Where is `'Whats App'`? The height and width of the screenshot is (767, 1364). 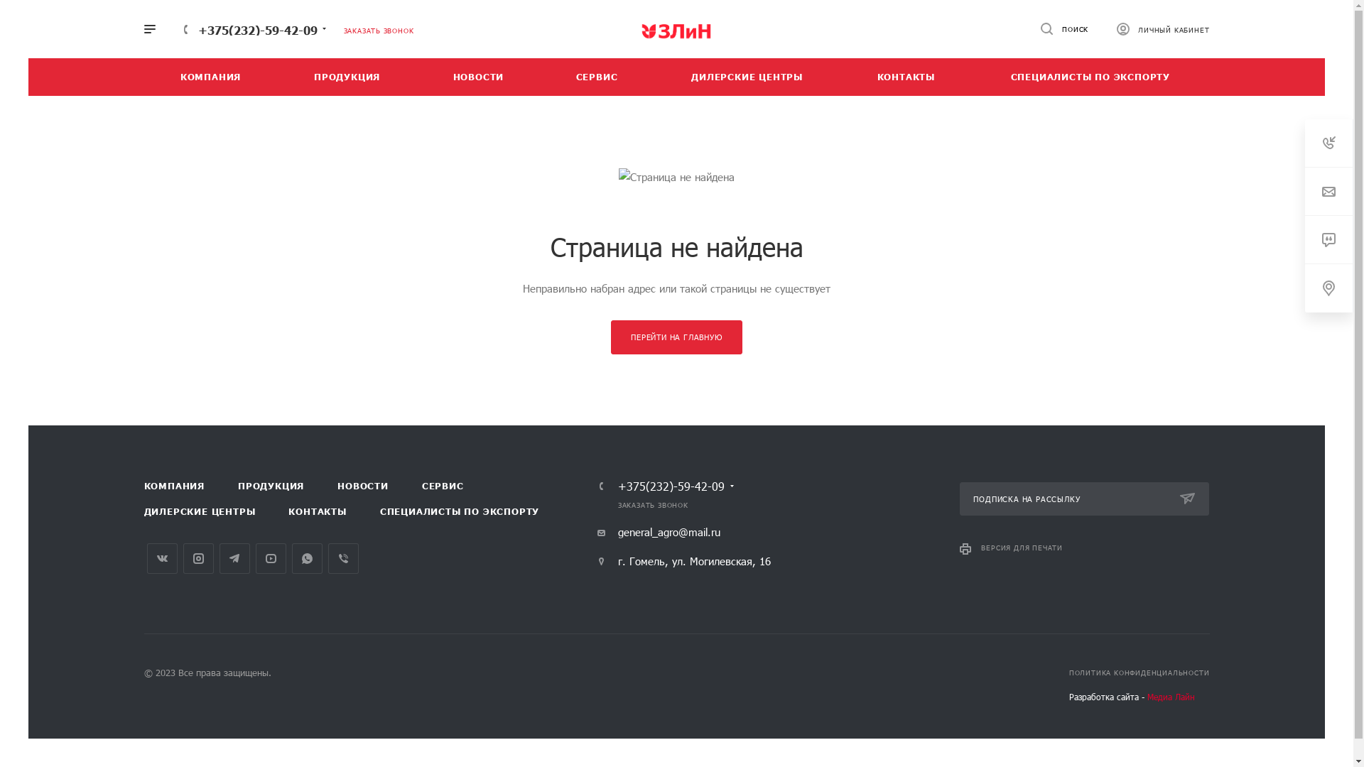 'Whats App' is located at coordinates (305, 557).